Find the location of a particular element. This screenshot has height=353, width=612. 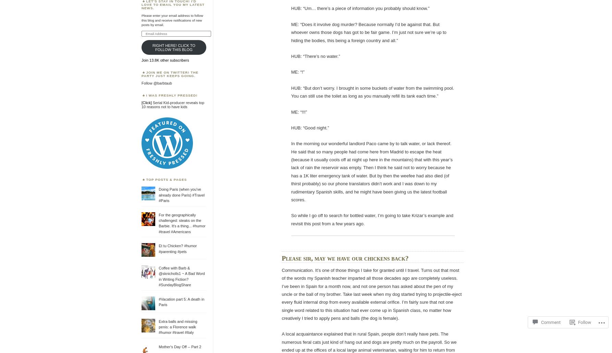

'Comment' is located at coordinates (540, 322).